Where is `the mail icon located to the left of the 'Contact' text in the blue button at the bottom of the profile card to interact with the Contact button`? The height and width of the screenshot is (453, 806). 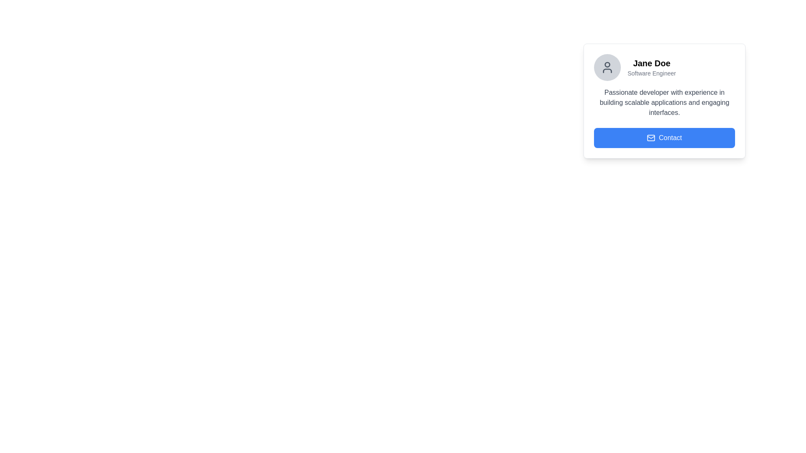 the mail icon located to the left of the 'Contact' text in the blue button at the bottom of the profile card to interact with the Contact button is located at coordinates (650, 137).